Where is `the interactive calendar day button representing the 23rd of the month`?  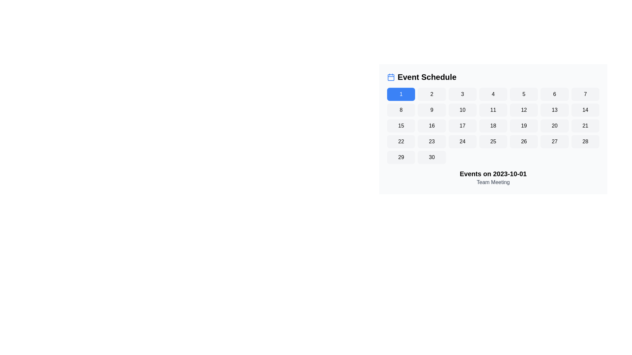
the interactive calendar day button representing the 23rd of the month is located at coordinates (432, 141).